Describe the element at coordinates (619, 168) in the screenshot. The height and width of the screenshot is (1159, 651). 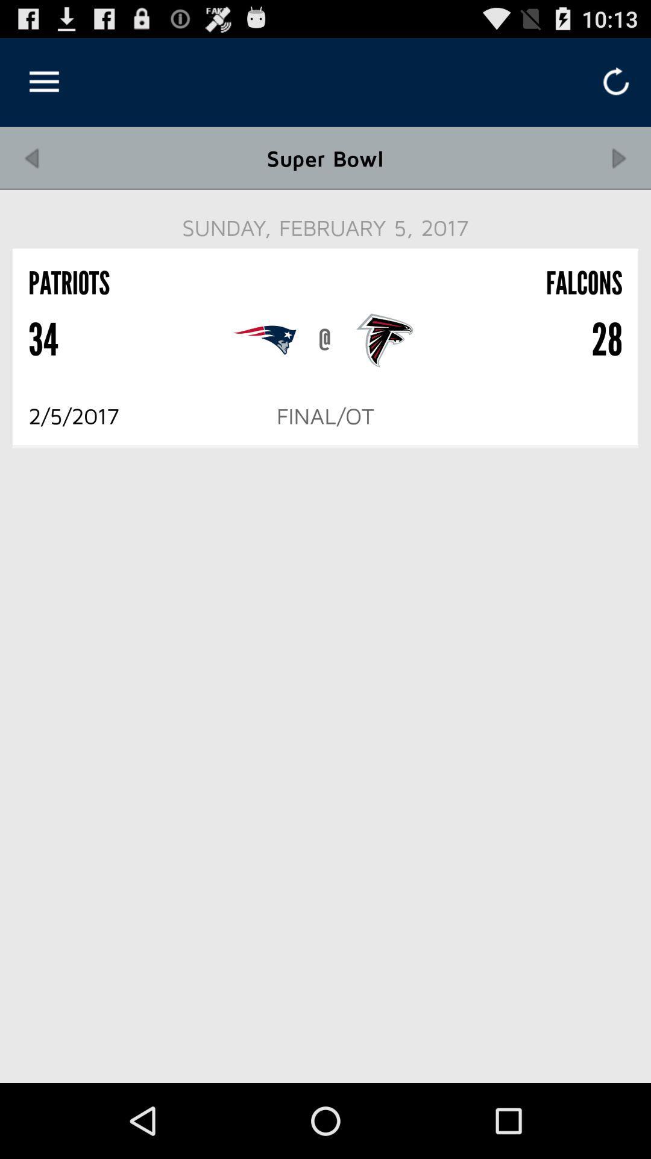
I see `the play icon` at that location.